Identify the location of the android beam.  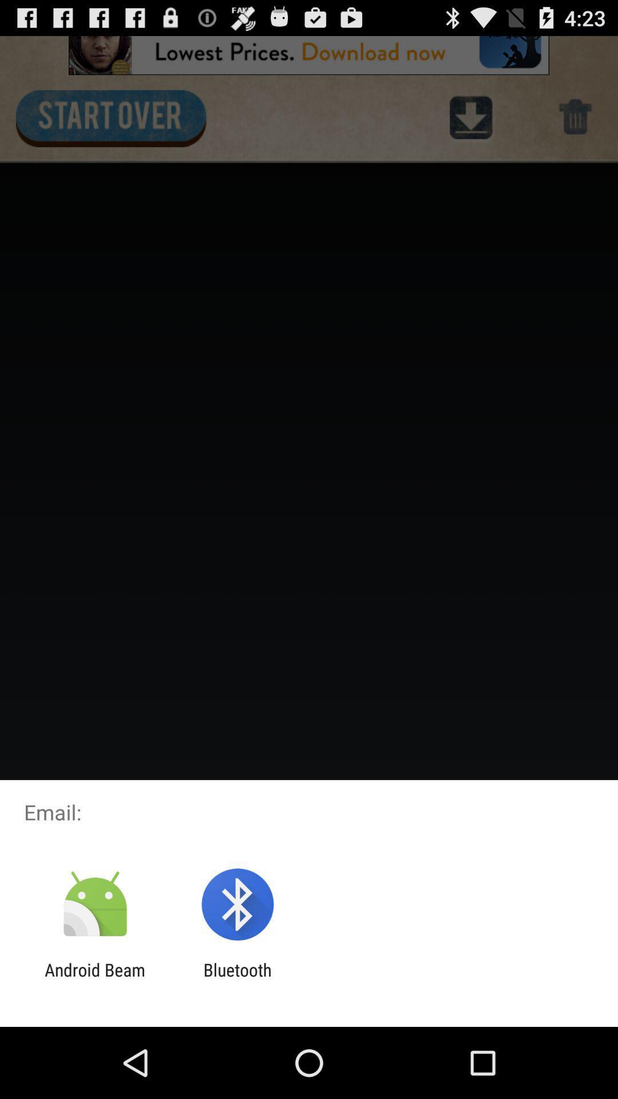
(94, 979).